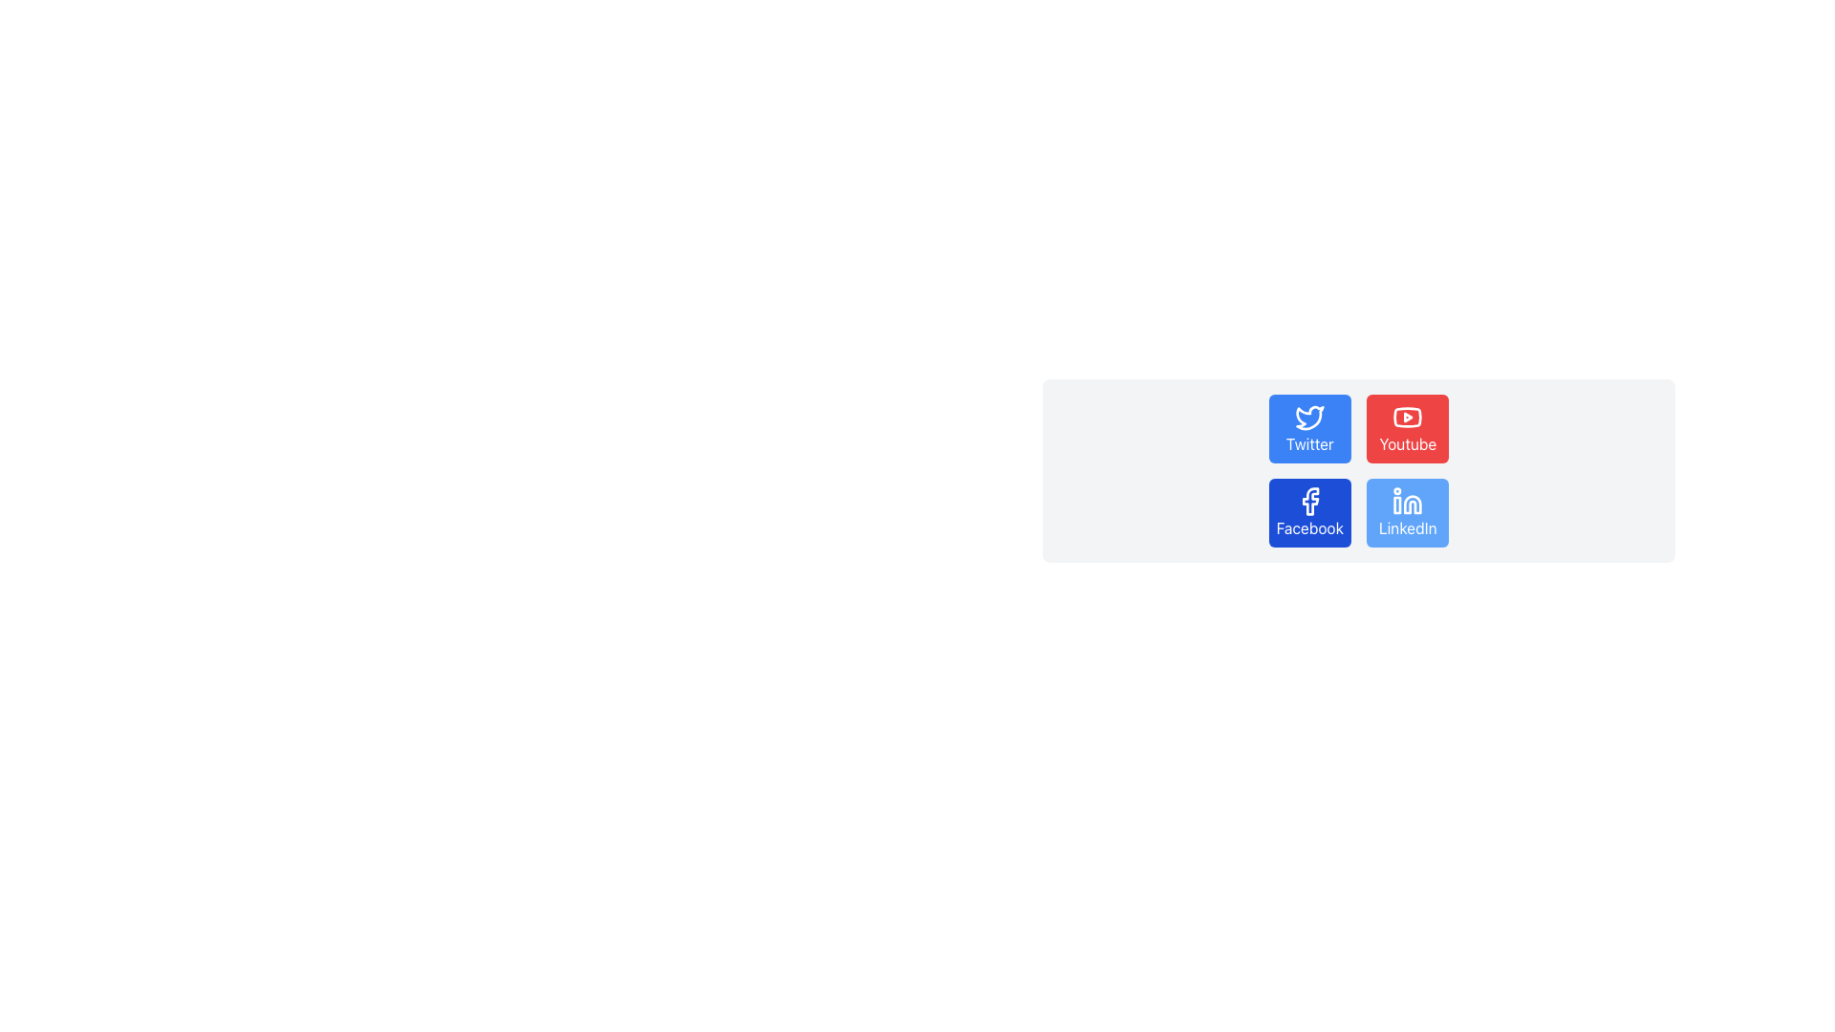 The image size is (1835, 1032). Describe the element at coordinates (1308, 416) in the screenshot. I see `the Twitter icon, which is located at the top-left corner of a 2x2 grid of social media icons, representing its link to Twitter` at that location.